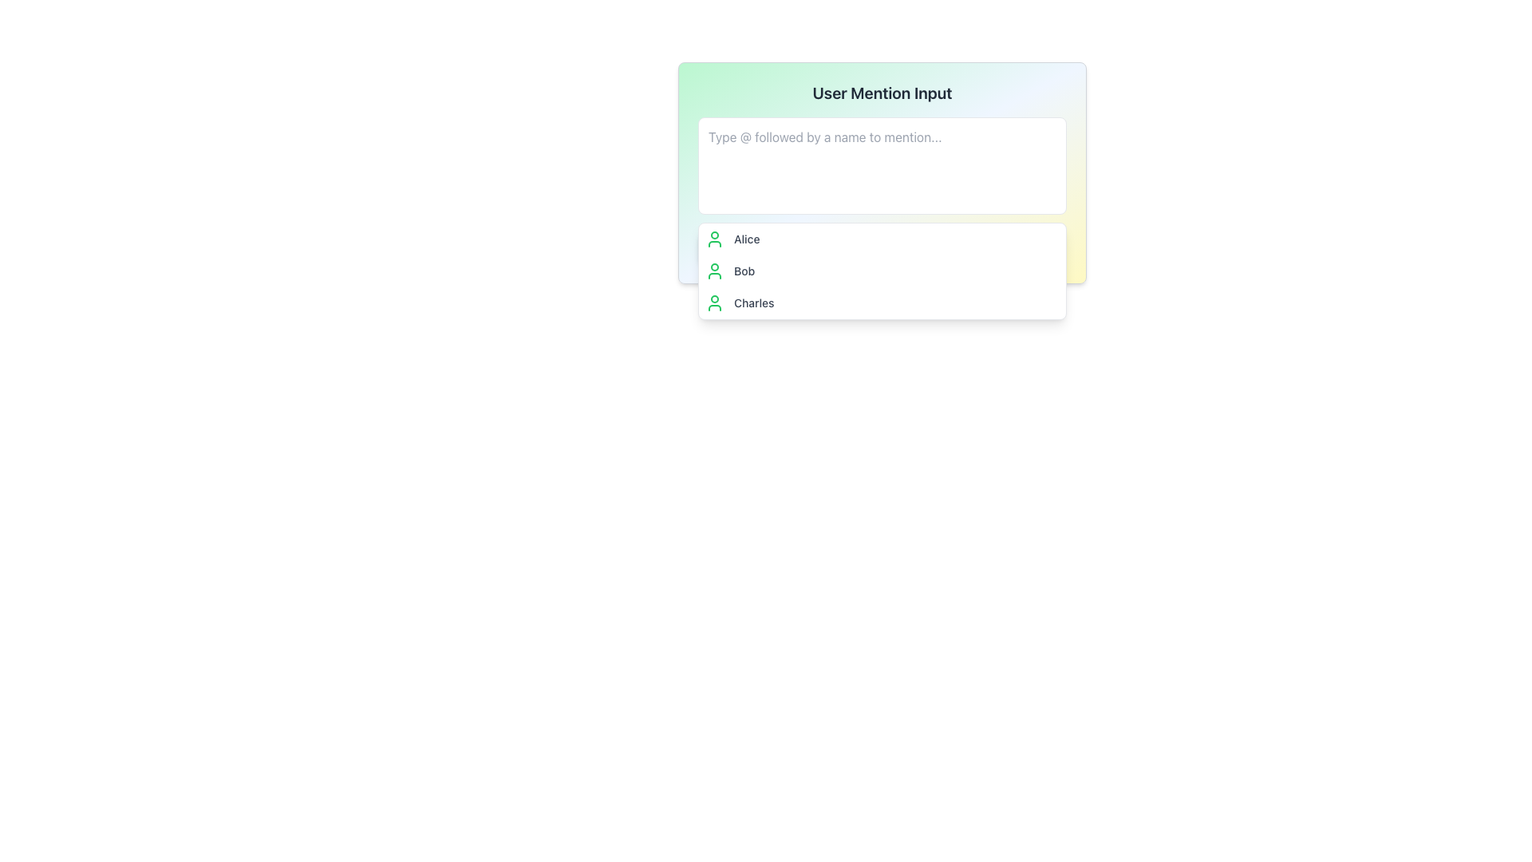  Describe the element at coordinates (881, 239) in the screenshot. I see `the first selectable user mention suggestion labeled 'Alice' in the dropdown menu` at that location.